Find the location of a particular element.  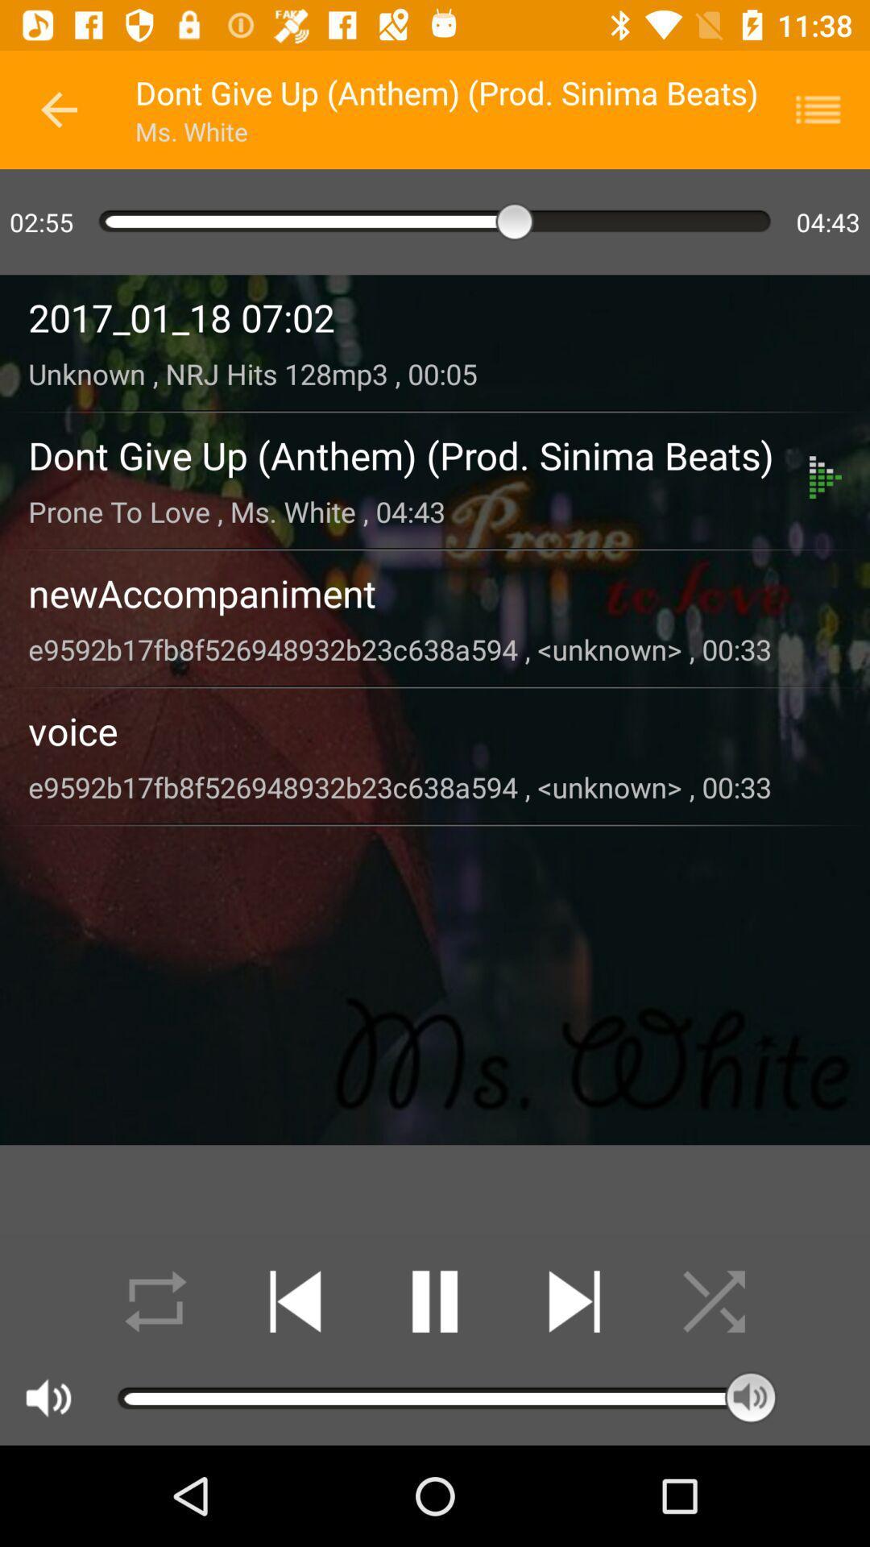

the item next to the dont give up is located at coordinates (58, 109).